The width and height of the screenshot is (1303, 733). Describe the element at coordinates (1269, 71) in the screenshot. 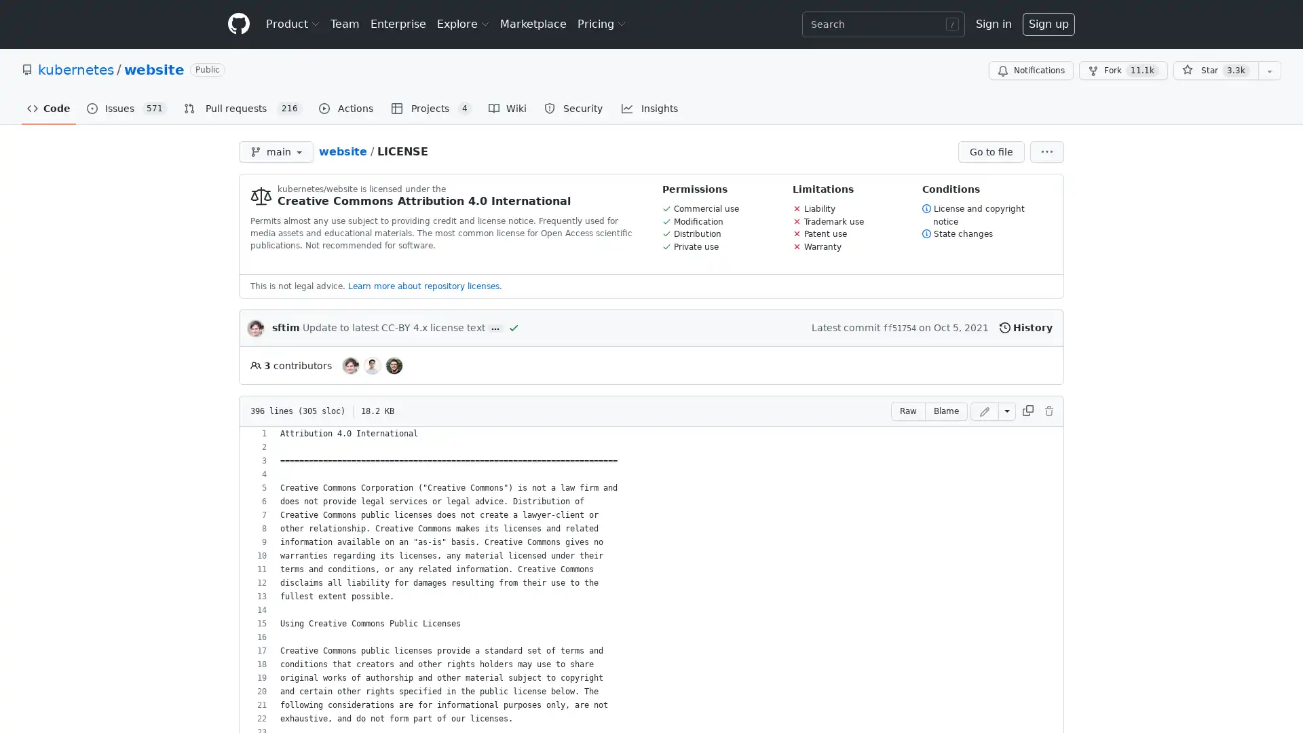

I see `You must be signed in to add this repository to a list` at that location.